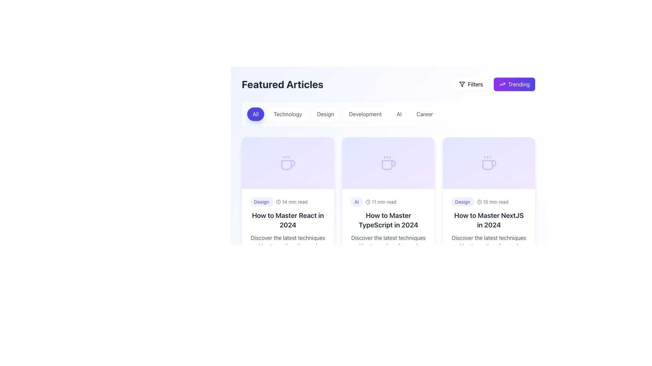 The image size is (652, 366). What do you see at coordinates (489, 202) in the screenshot?
I see `information displayed in the metadata header of the card titled 'How to Master NextJS in 2024', which indicates the category and estimated reading time` at bounding box center [489, 202].